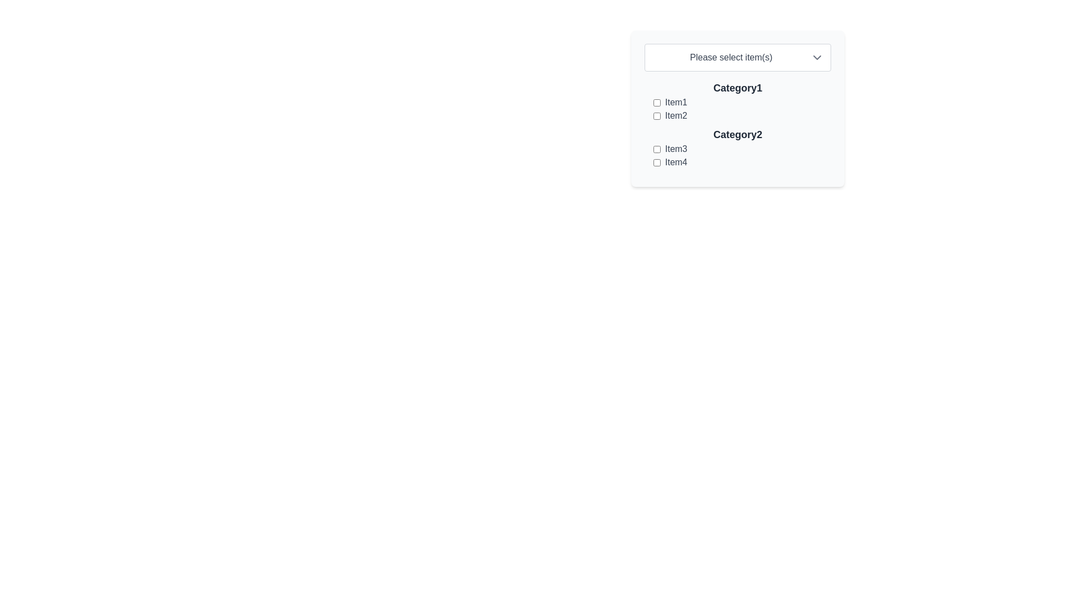 This screenshot has width=1066, height=599. What do you see at coordinates (738, 58) in the screenshot?
I see `the dropdown menu trigger element, which is a rectangular menu with rounded corners and a light gray border displaying 'Please select item(s)' and a downward-pointing chevron icon on the right` at bounding box center [738, 58].